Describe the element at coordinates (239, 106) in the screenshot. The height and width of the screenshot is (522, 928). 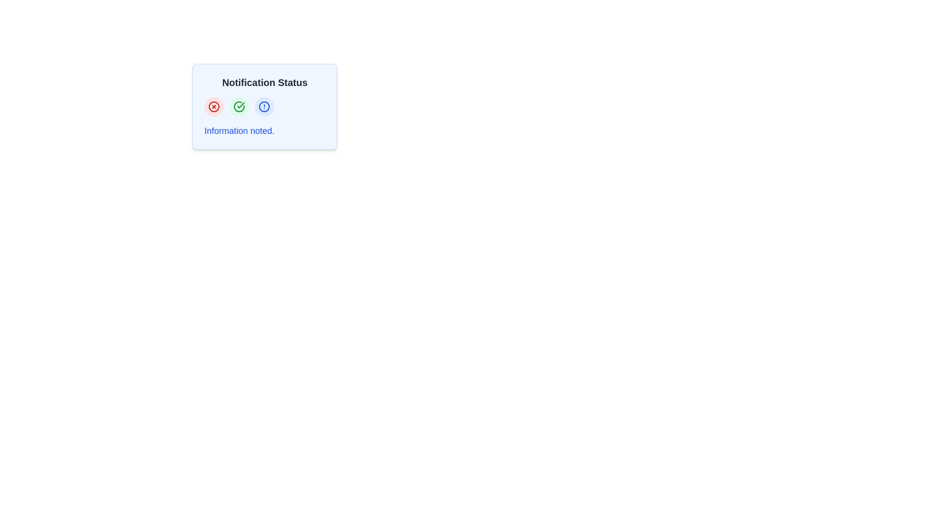
I see `the confirmation icon with a green border and checkmark inside, located in the center of the 'Notification Status' section` at that location.